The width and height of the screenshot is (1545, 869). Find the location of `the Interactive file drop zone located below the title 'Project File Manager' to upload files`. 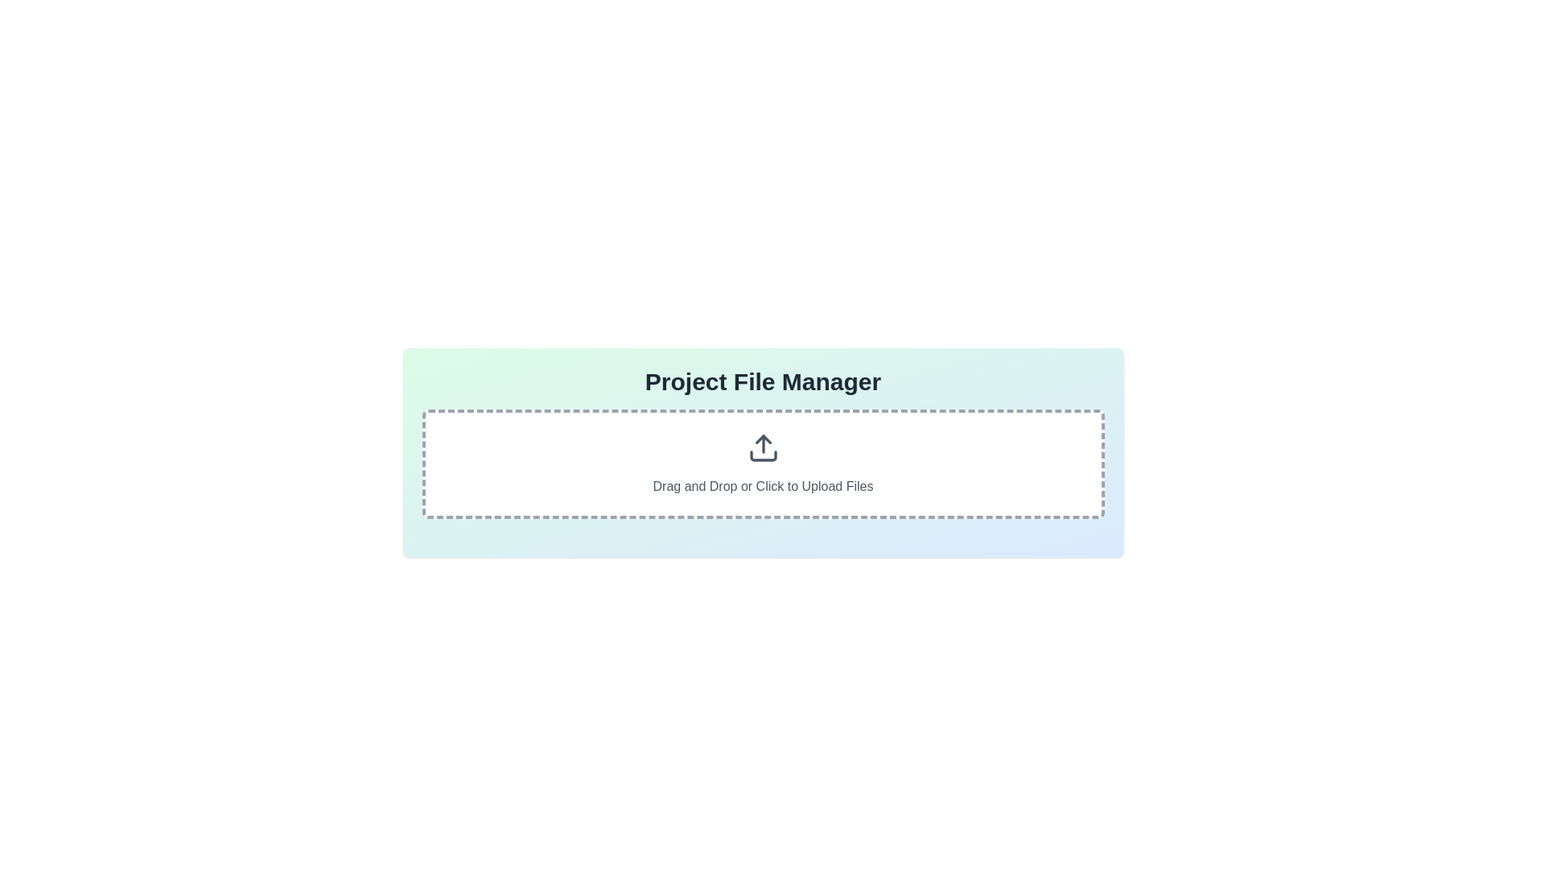

the Interactive file drop zone located below the title 'Project File Manager' to upload files is located at coordinates (762, 464).